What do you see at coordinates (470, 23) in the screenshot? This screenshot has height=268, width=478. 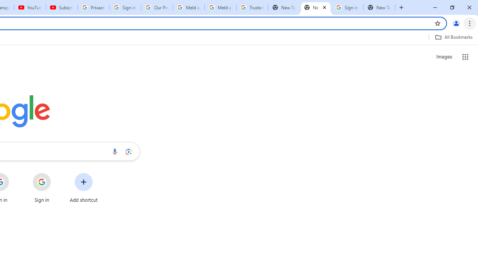 I see `'Chrome'` at bounding box center [470, 23].